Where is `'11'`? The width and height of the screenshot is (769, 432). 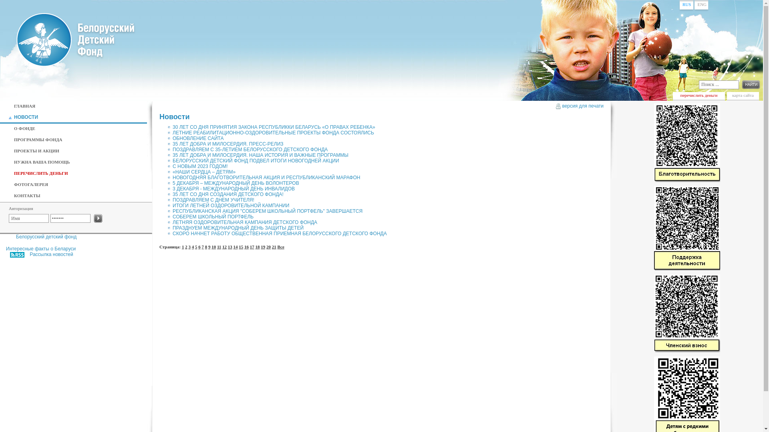 '11' is located at coordinates (219, 244).